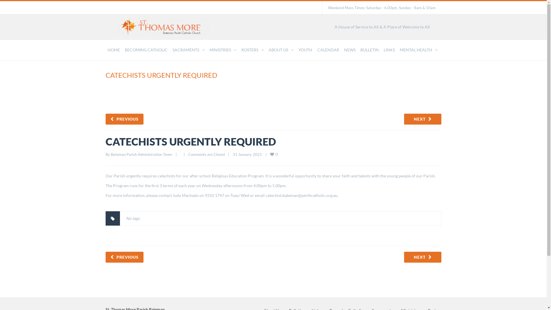 The width and height of the screenshot is (551, 310). I want to click on 'ABOUT US', so click(281, 49).